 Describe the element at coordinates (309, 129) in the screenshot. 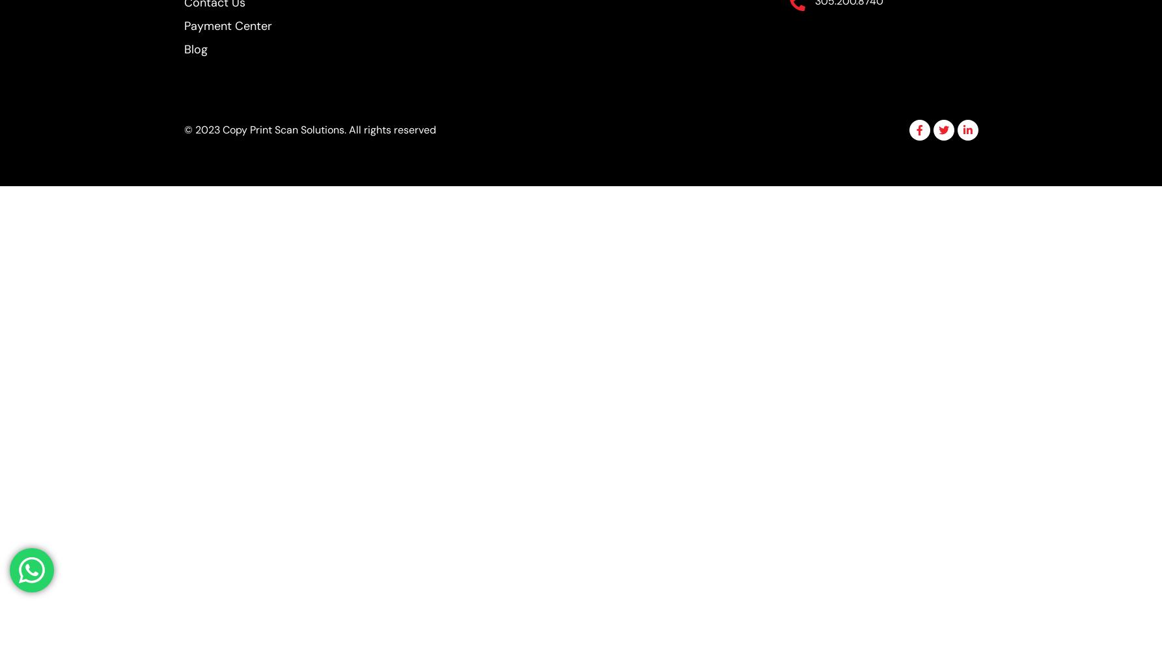

I see `'© 2023 Copy Print Scan Solutions. All rights reserved'` at that location.